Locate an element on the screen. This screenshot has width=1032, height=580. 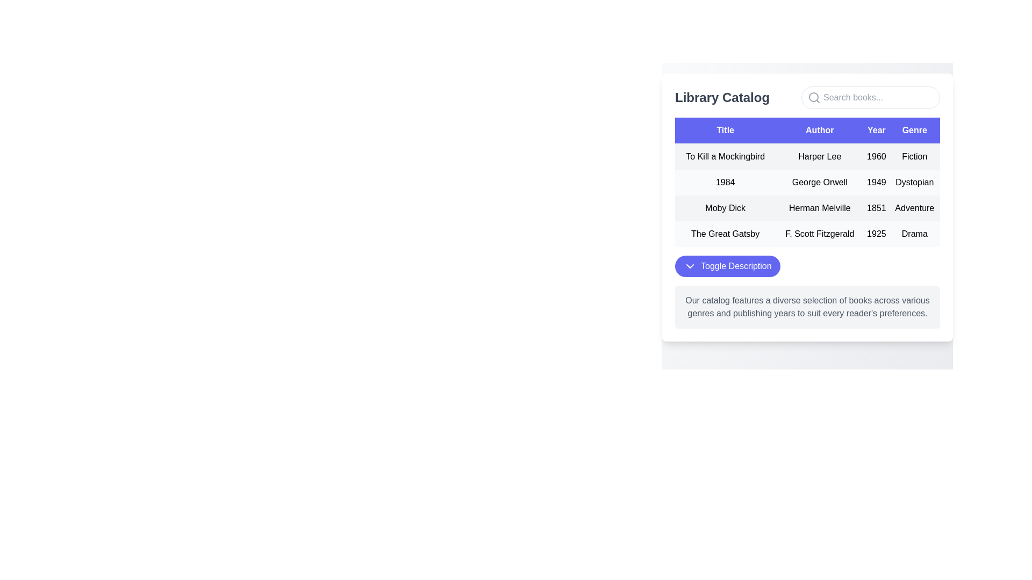
the text label displaying the genre of the book 'The Great Gatsby', located in the fourth row of the table in the 'Genre' column is located at coordinates (914, 233).